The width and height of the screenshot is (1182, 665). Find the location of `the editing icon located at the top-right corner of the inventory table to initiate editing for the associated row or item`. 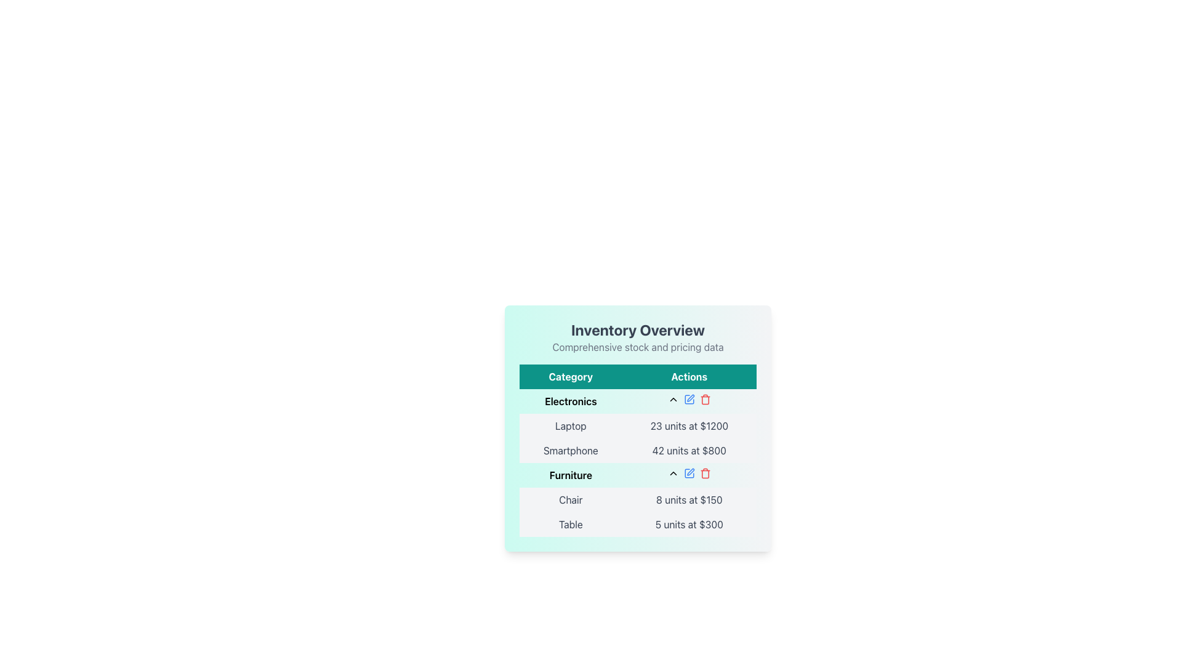

the editing icon located at the top-right corner of the inventory table to initiate editing for the associated row or item is located at coordinates (691, 471).